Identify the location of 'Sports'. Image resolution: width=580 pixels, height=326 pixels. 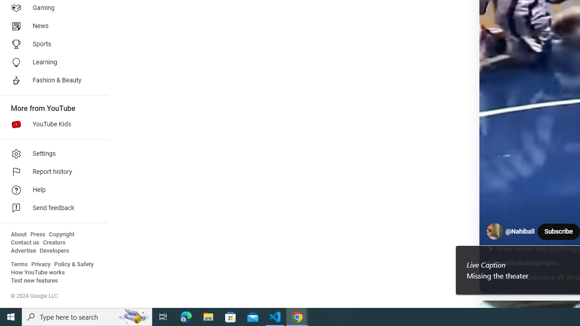
(51, 44).